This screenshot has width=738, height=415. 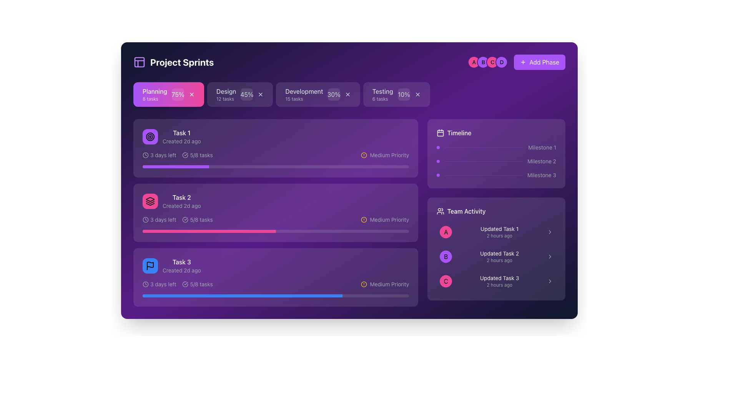 What do you see at coordinates (226, 94) in the screenshot?
I see `information displayed on the 'Design' text label, which serves as a section header indicating the category in the project management dashboard` at bounding box center [226, 94].